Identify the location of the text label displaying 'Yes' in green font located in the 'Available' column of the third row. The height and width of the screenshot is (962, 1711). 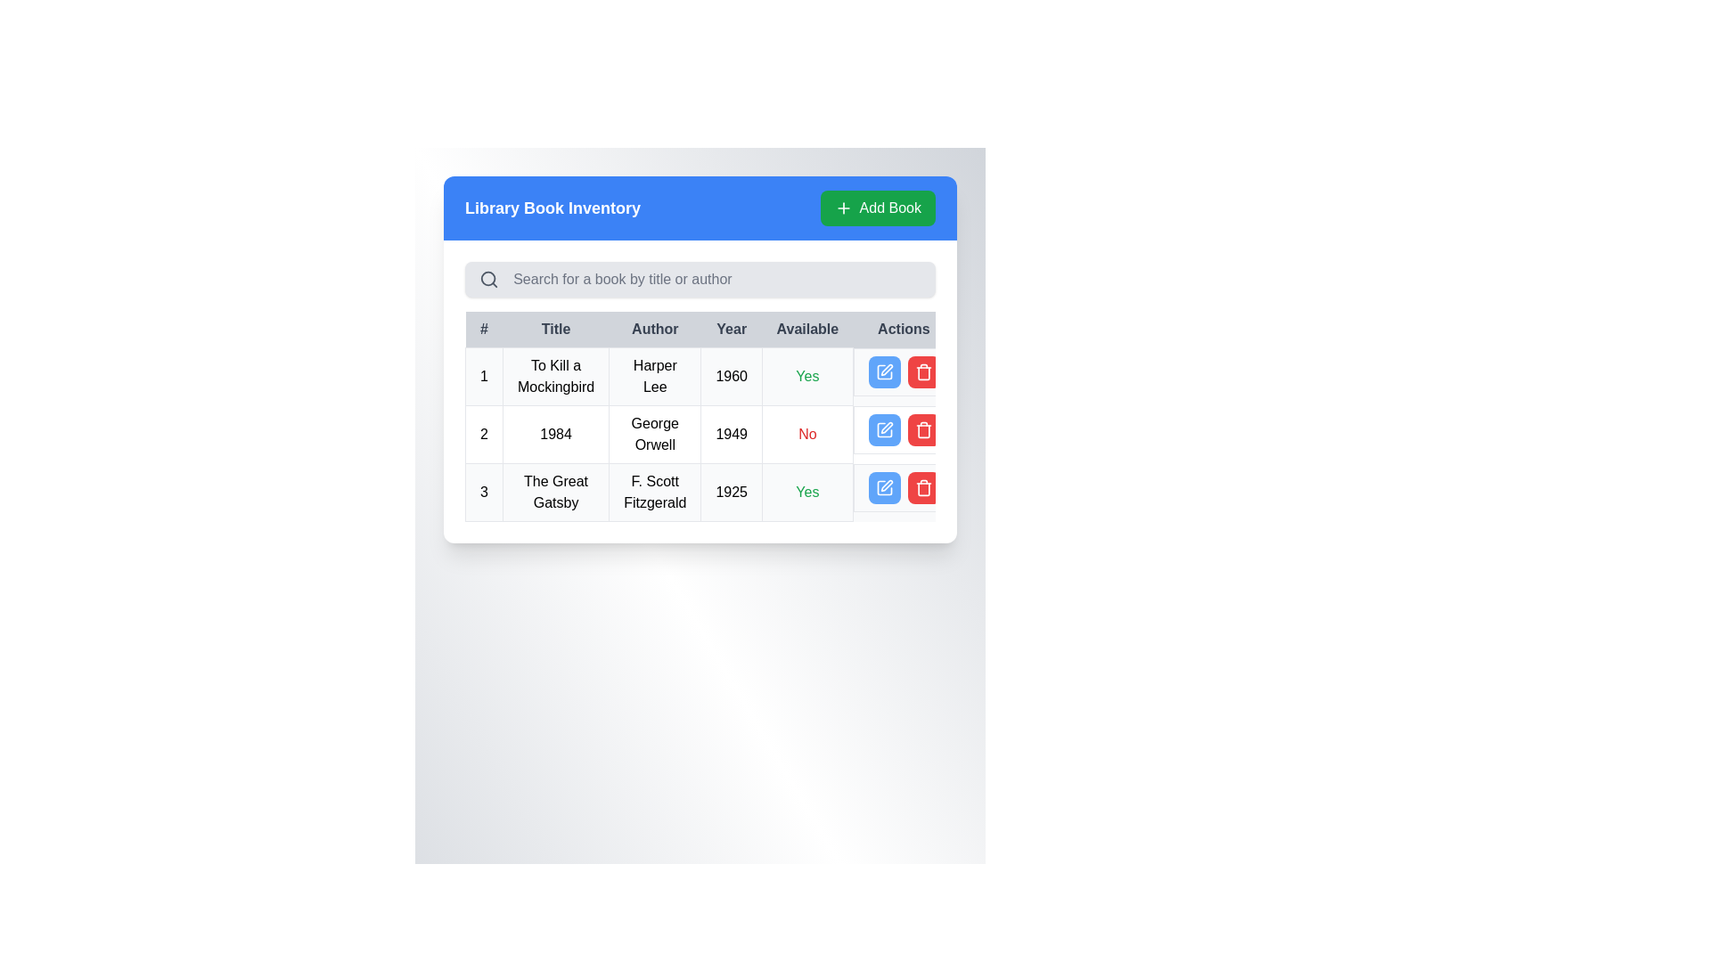
(806, 375).